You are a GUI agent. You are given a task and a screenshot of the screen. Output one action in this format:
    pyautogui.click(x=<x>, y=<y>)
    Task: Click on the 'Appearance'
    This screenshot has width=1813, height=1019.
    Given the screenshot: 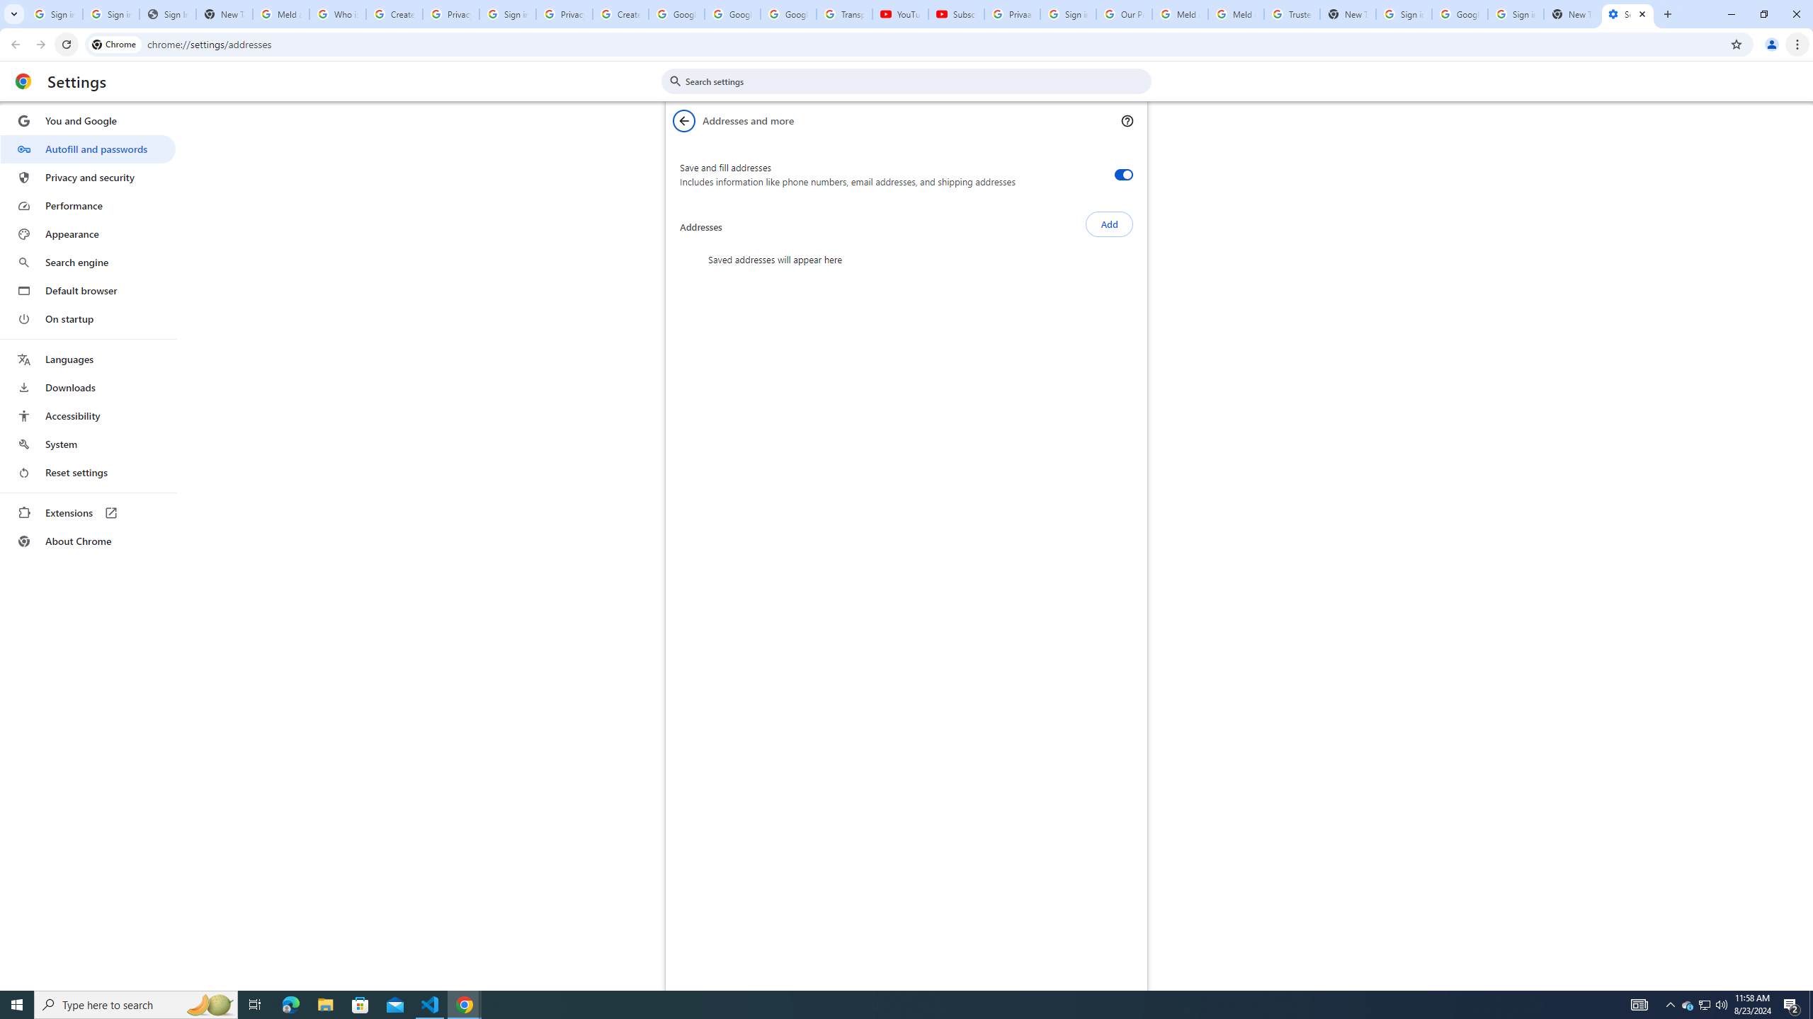 What is the action you would take?
    pyautogui.click(x=87, y=234)
    